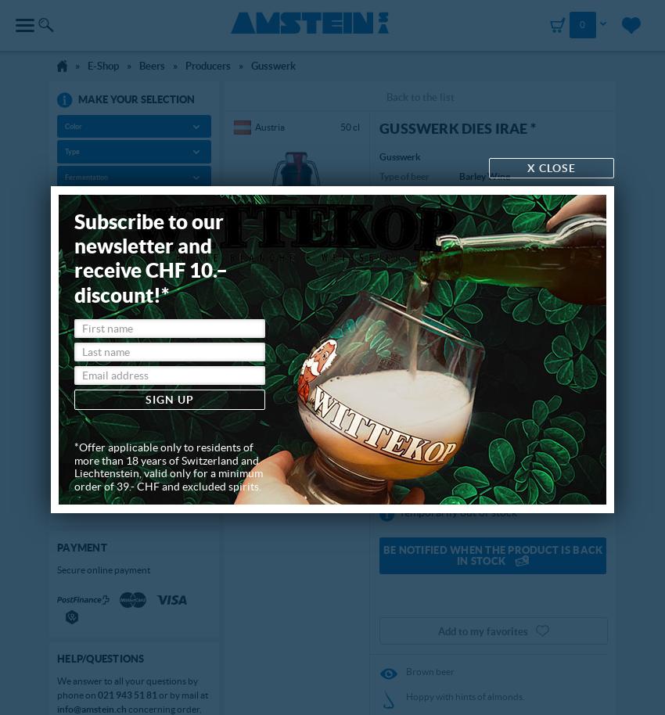  I want to click on 'Country', so click(77, 201).